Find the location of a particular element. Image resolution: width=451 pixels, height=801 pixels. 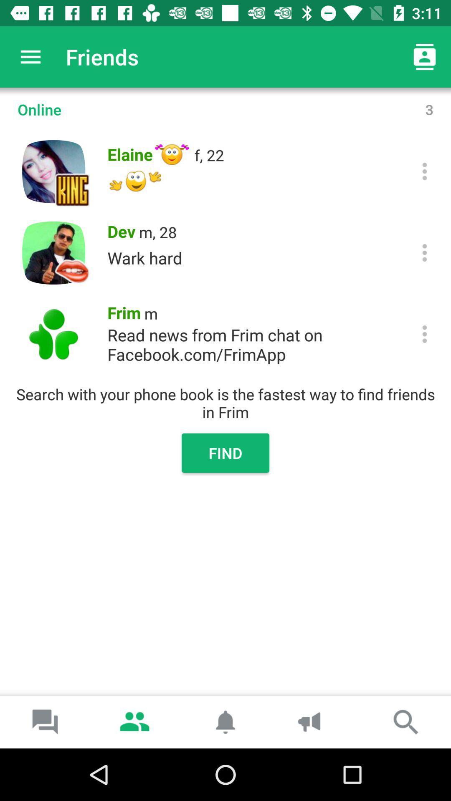

show options is located at coordinates (425, 171).